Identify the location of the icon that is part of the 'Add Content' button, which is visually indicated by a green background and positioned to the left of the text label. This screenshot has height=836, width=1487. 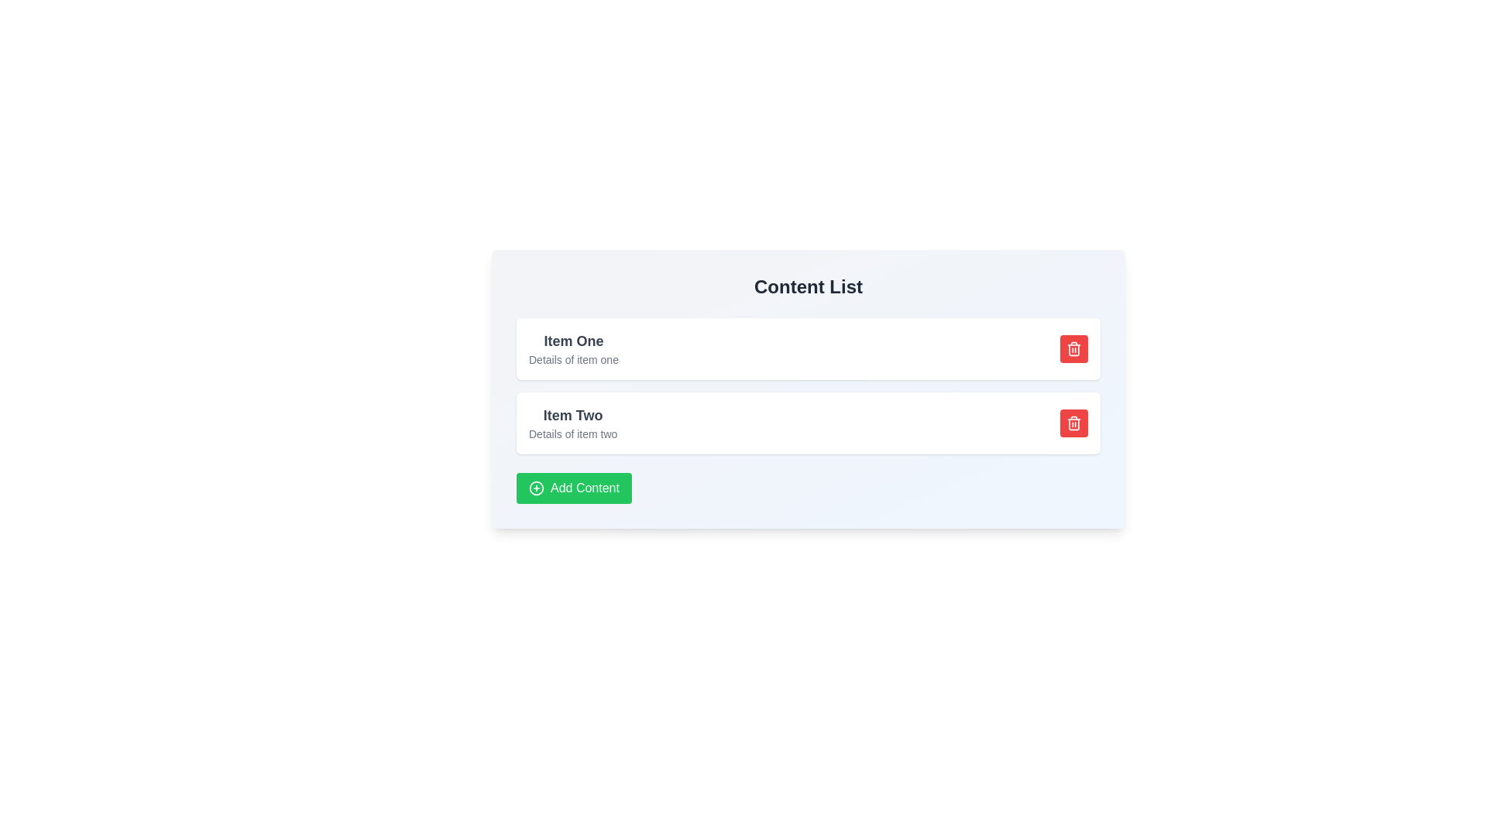
(536, 488).